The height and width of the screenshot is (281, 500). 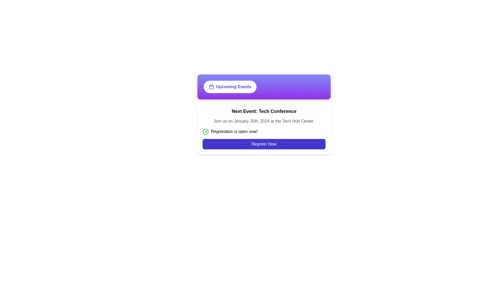 What do you see at coordinates (211, 87) in the screenshot?
I see `the icon located at the leftmost part of the 'Upcoming Events' button, which symbolizes event scheduling or date-related content` at bounding box center [211, 87].